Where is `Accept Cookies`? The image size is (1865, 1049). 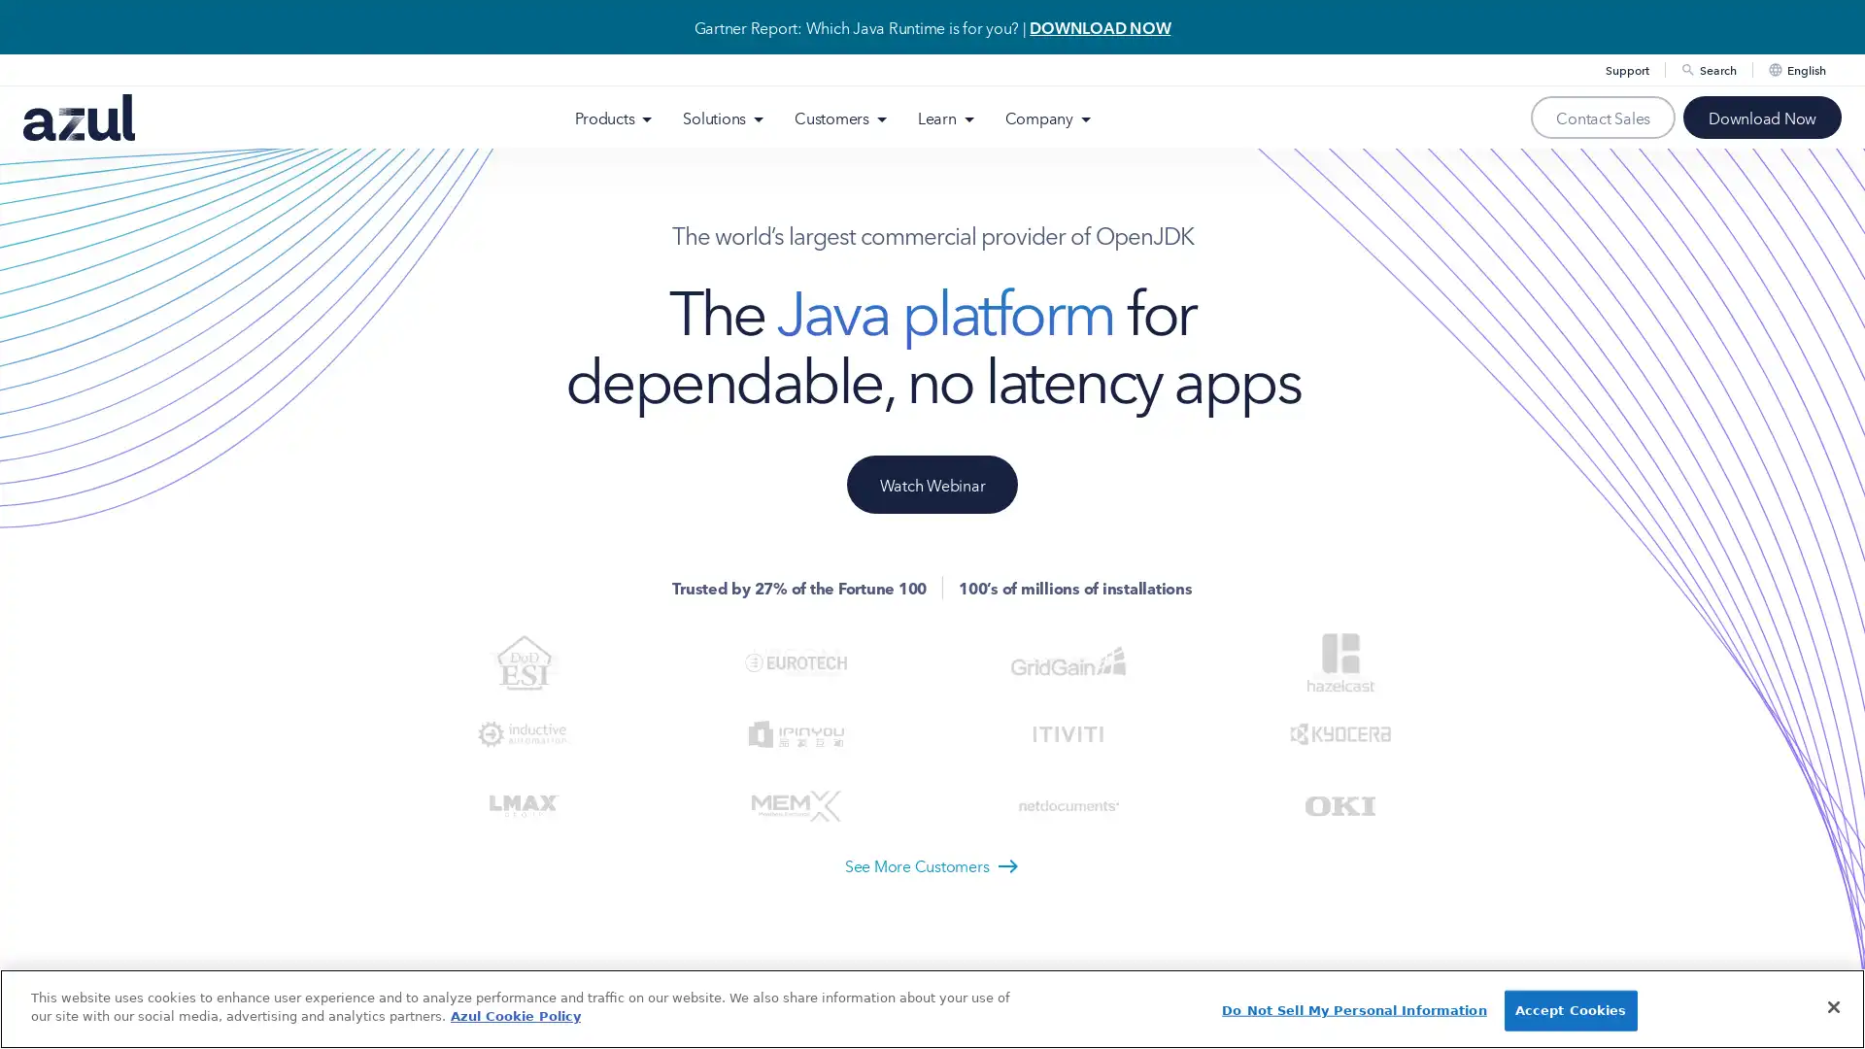
Accept Cookies is located at coordinates (1570, 1009).